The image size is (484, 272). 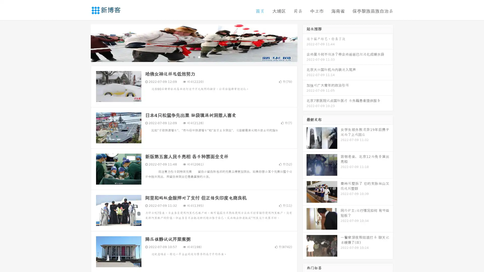 I want to click on Go to slide 3, so click(x=199, y=57).